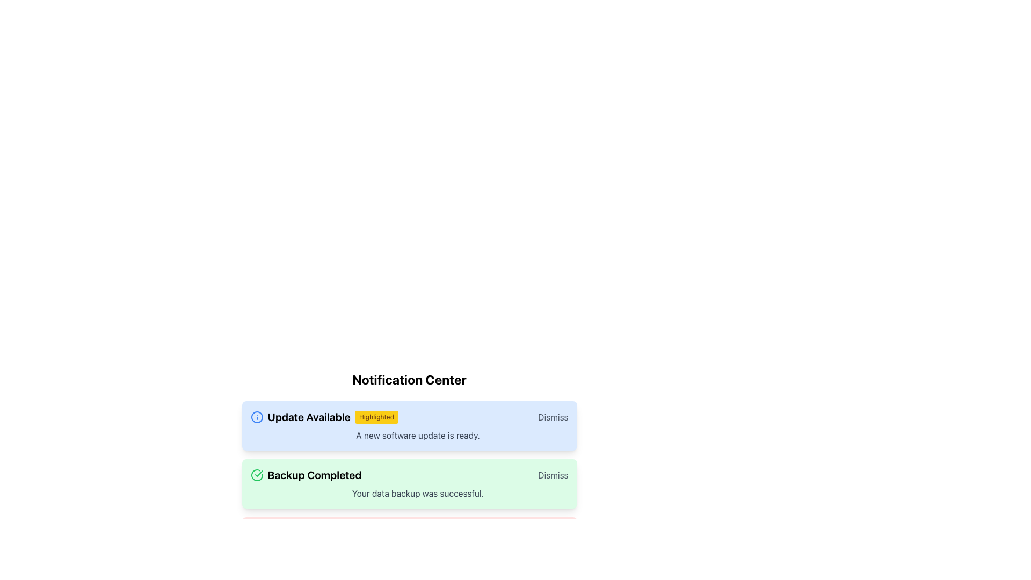 The width and height of the screenshot is (1031, 580). What do you see at coordinates (409, 474) in the screenshot?
I see `the Notification Bar displaying 'Backup Completed'` at bounding box center [409, 474].